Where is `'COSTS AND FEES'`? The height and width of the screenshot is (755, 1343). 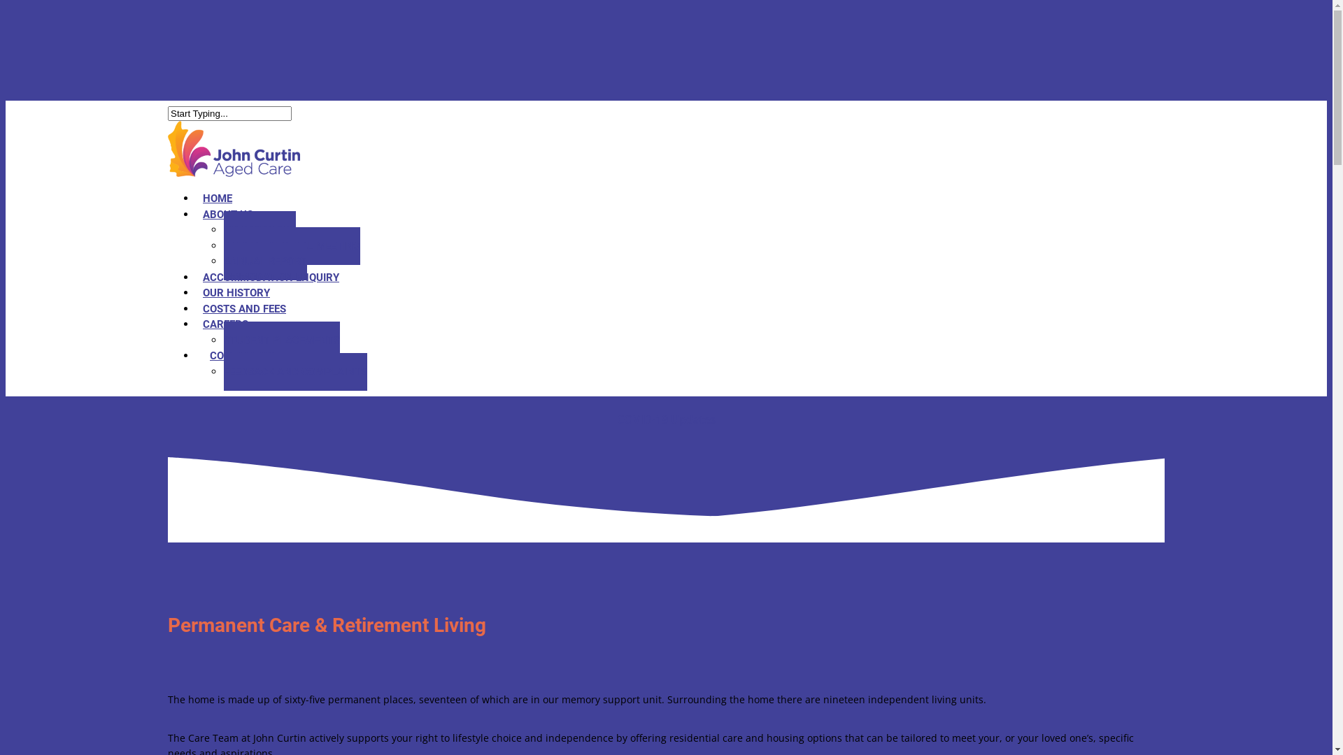
'COSTS AND FEES' is located at coordinates (194, 307).